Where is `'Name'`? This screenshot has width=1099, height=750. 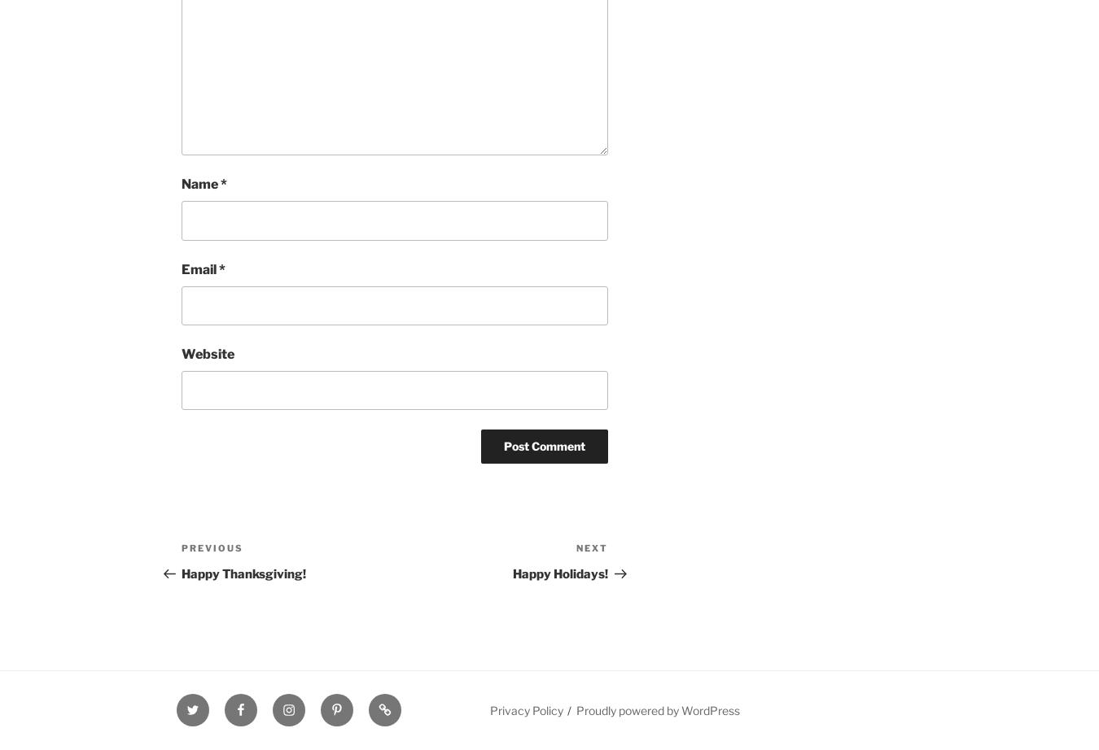 'Name' is located at coordinates (200, 184).